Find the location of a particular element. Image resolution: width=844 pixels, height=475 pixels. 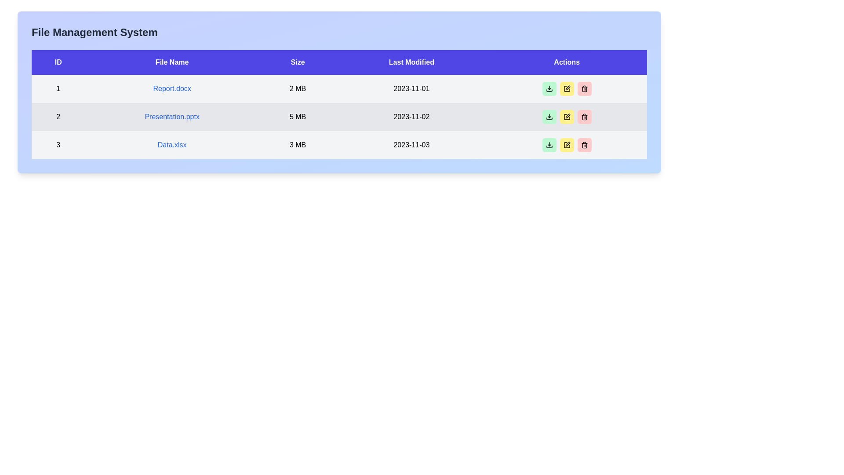

the delete icon, which is represented by a minimalist trash can design, located as the third icon in the 'Actions' column of the second row in the file listing table is located at coordinates (584, 117).